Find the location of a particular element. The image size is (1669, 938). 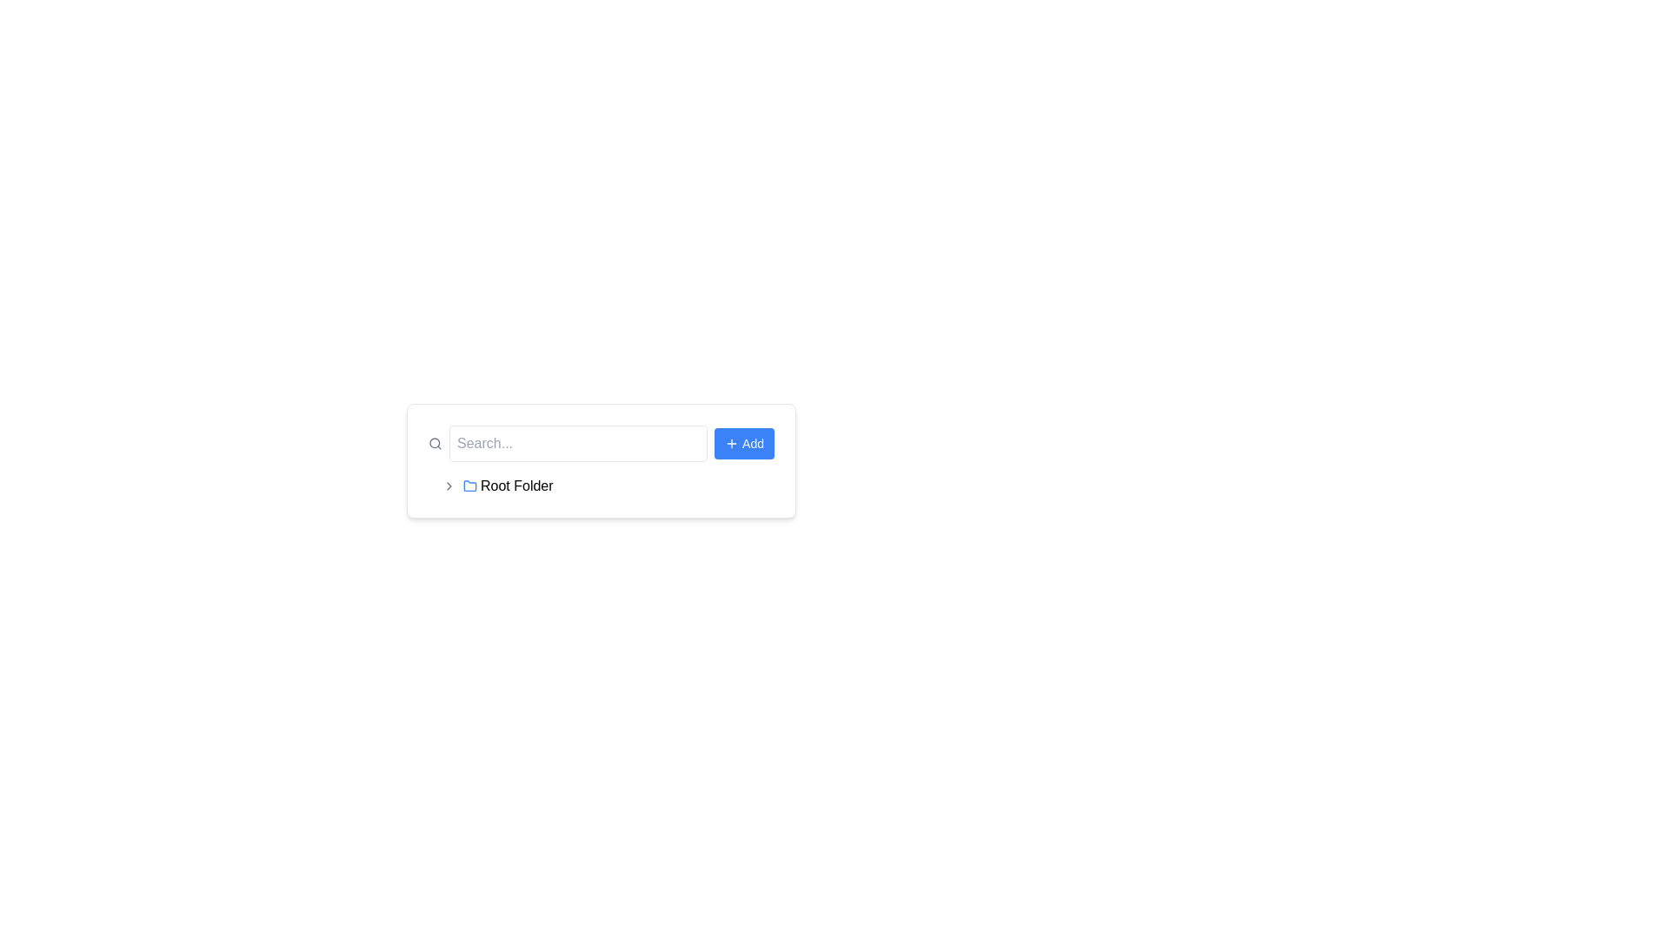

the small blue outlined folder icon located to the left of the 'Root Folder' text to interact with the folder is located at coordinates (470, 486).